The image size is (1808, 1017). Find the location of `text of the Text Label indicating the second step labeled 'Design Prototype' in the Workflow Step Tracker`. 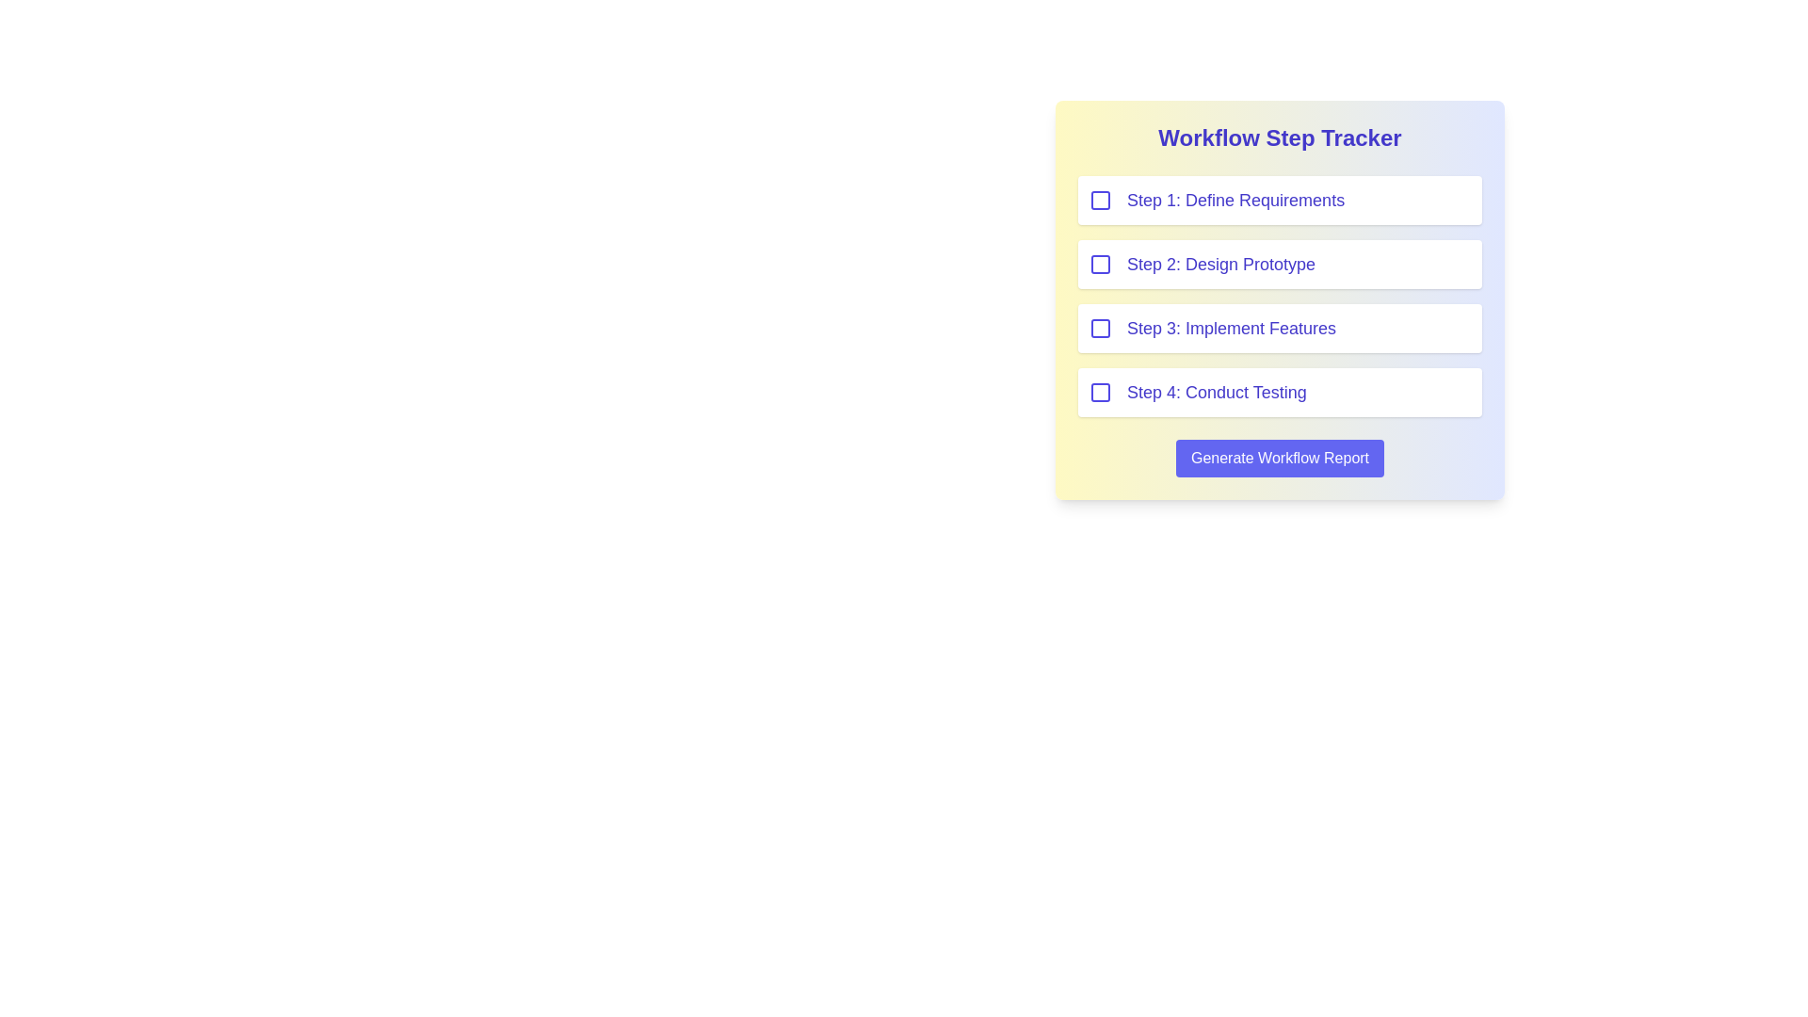

text of the Text Label indicating the second step labeled 'Design Prototype' in the Workflow Step Tracker is located at coordinates (1280, 265).